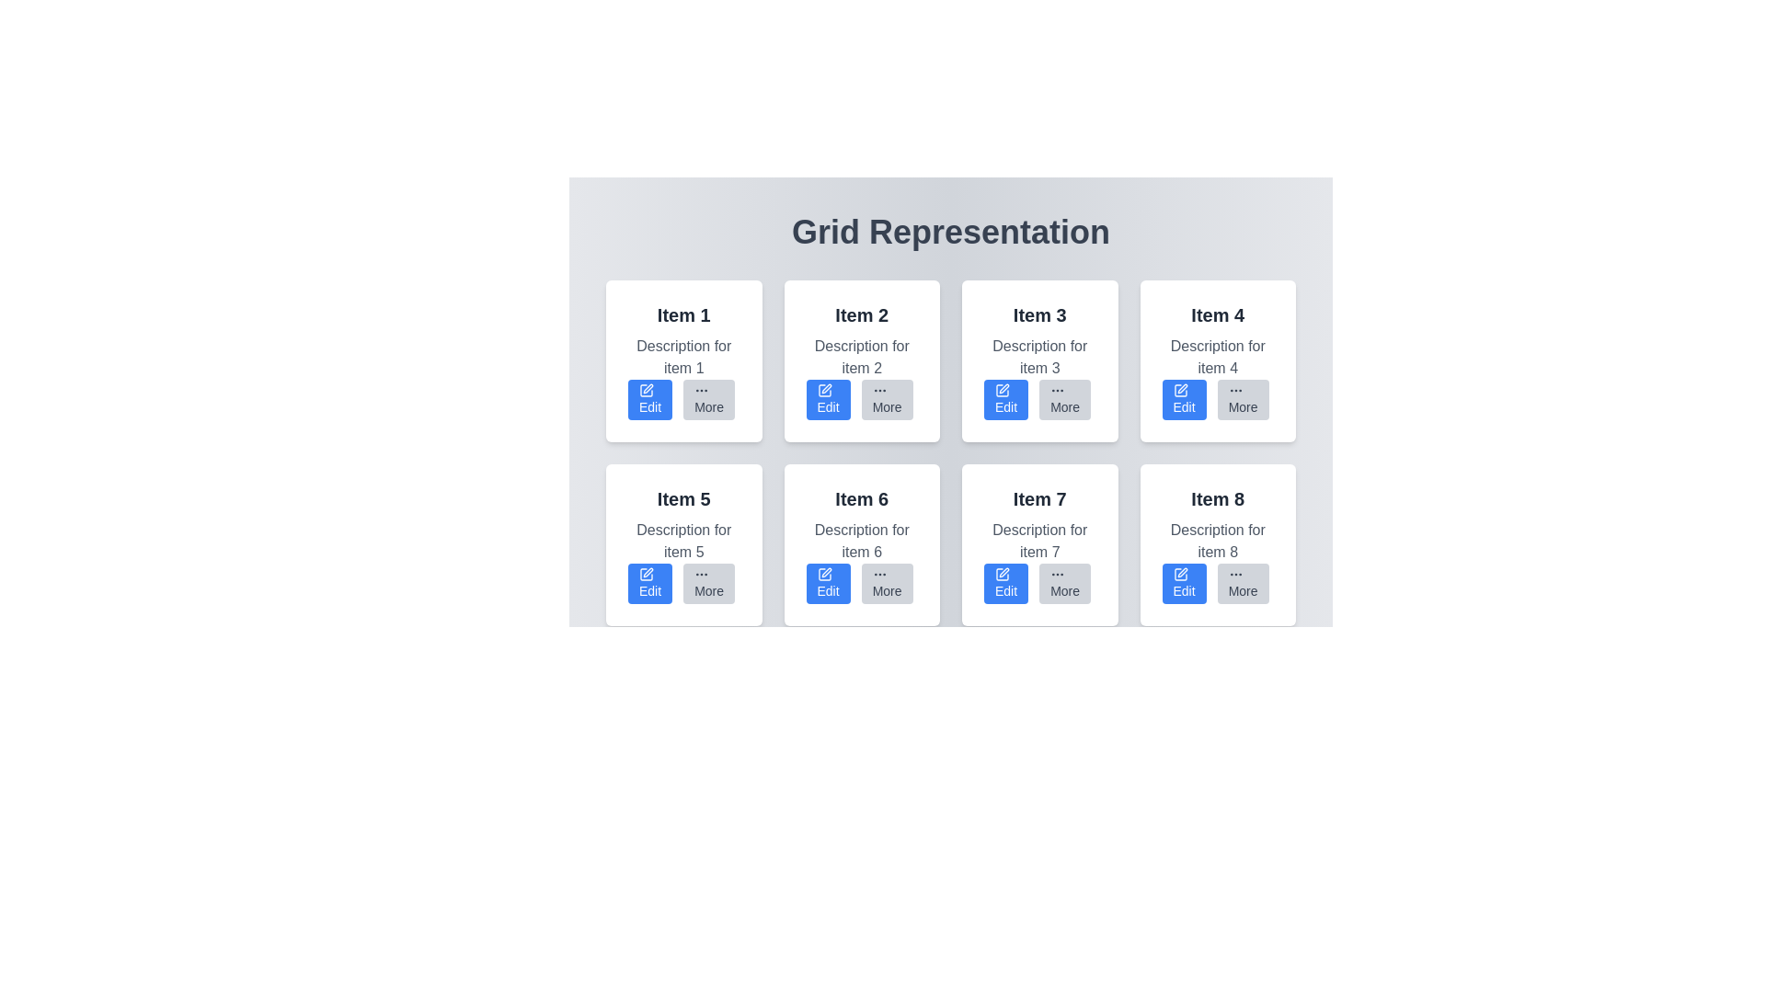 This screenshot has height=993, width=1766. I want to click on the 'More' button icon in the bottom-right corner of the card for 'Item 8', so click(1235, 573).